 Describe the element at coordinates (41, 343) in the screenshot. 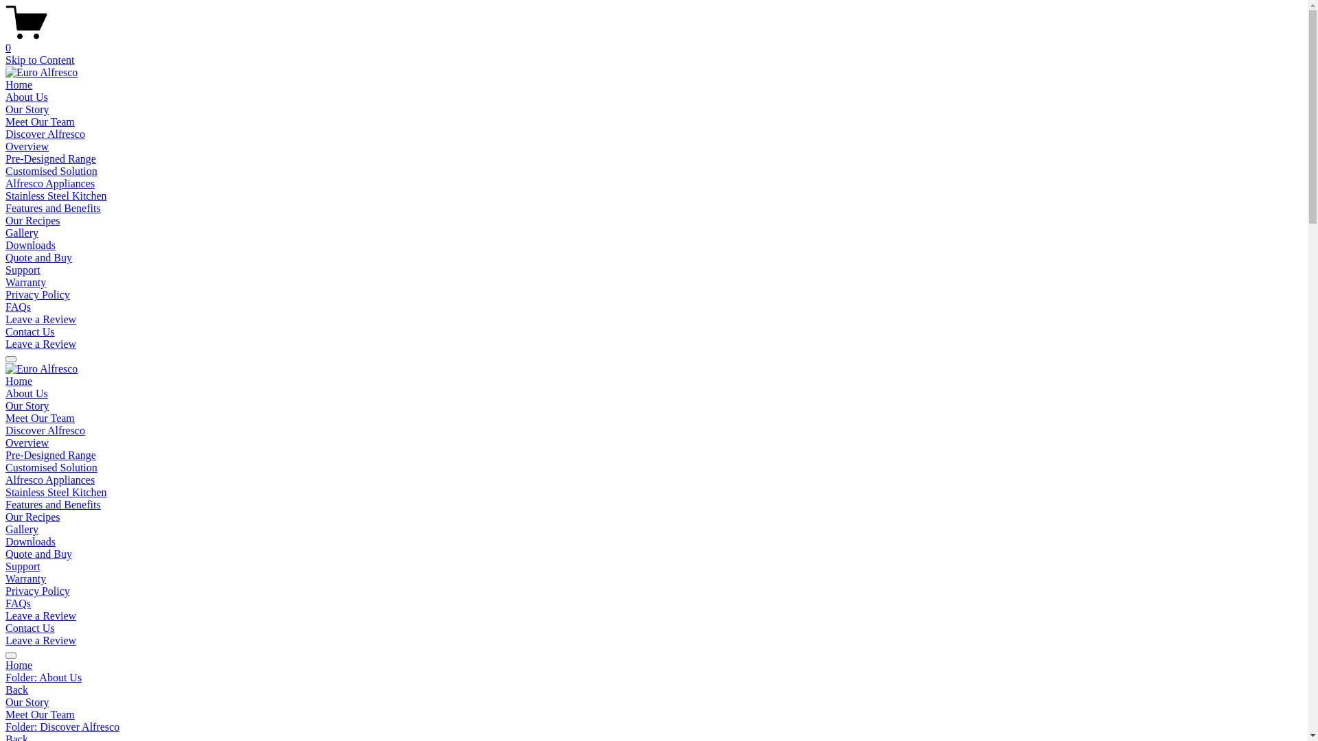

I see `'Leave a Review'` at that location.